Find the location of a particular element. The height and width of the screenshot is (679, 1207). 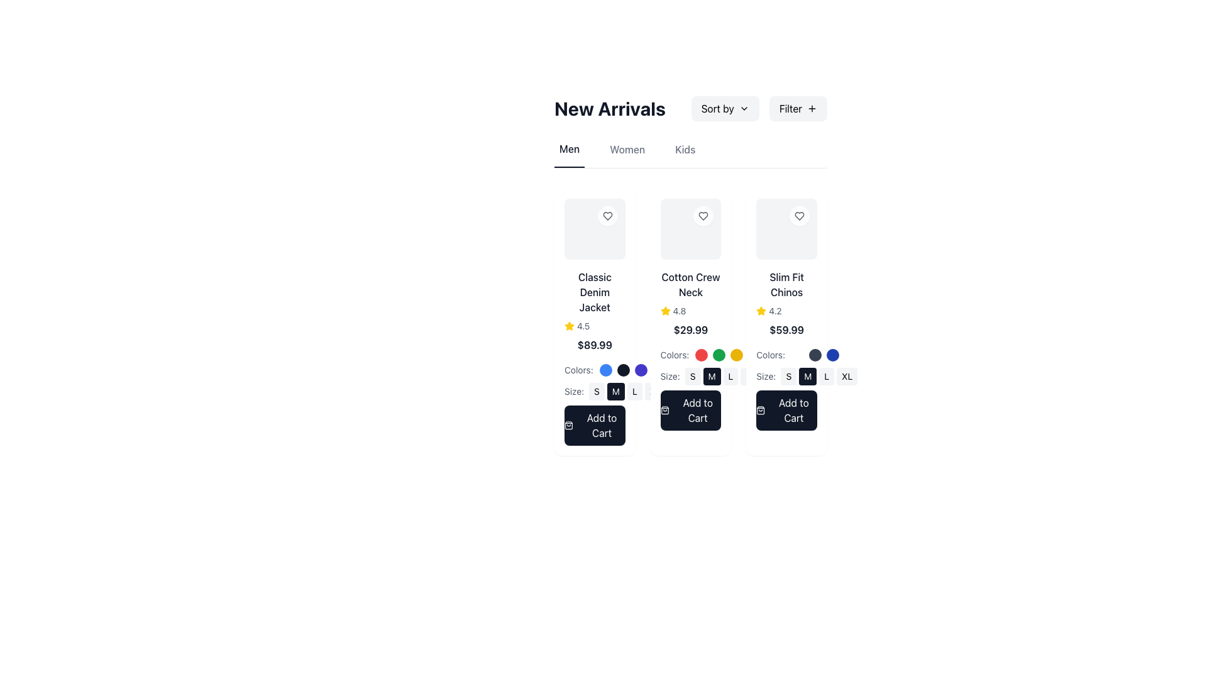

the second color selection button for the 'Slim Fit Chinos' product is located at coordinates (815, 355).